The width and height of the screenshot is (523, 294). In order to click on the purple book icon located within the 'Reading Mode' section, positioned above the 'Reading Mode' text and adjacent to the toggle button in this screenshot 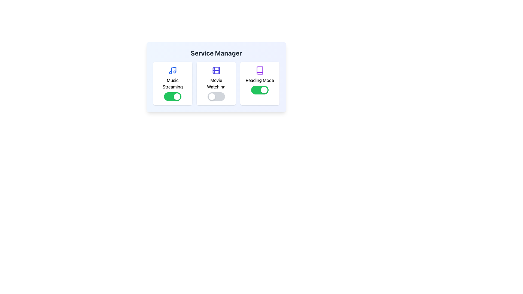, I will do `click(260, 70)`.